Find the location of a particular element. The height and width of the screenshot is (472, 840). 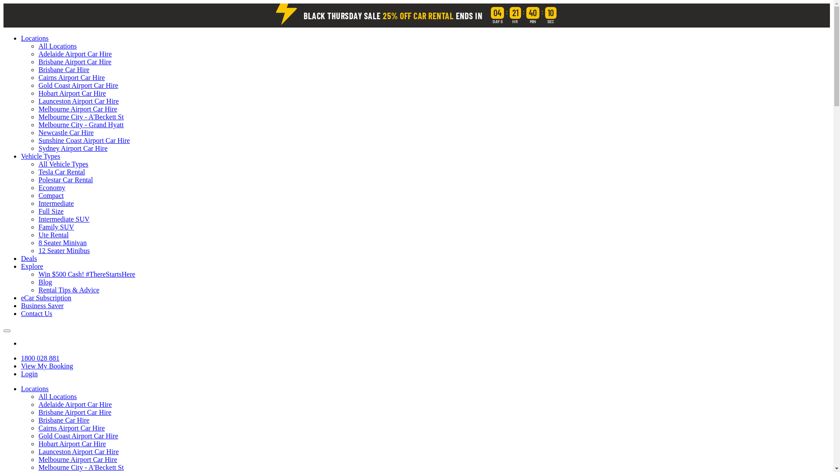

'Adelaide Airport Car Hire' is located at coordinates (75, 404).